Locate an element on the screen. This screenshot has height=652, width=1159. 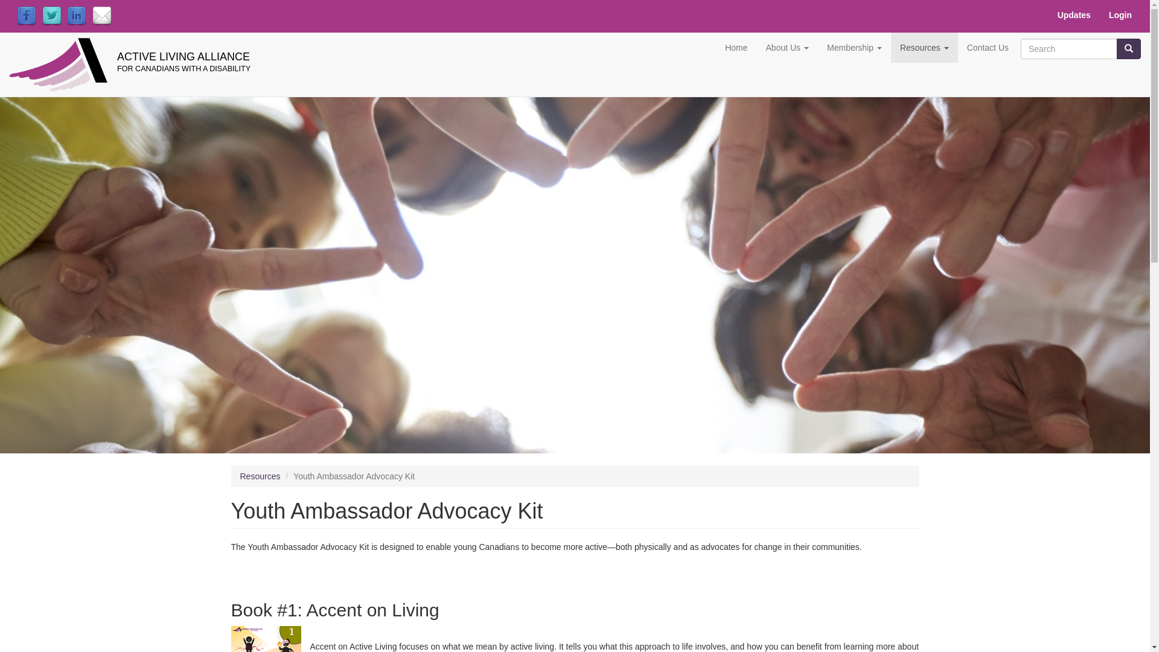
'Enter the terms you wish to search for.' is located at coordinates (1020, 48).